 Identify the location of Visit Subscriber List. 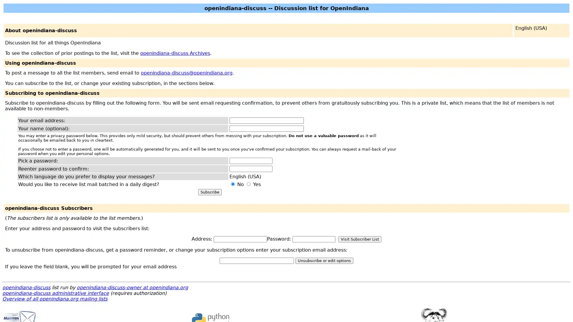
(359, 239).